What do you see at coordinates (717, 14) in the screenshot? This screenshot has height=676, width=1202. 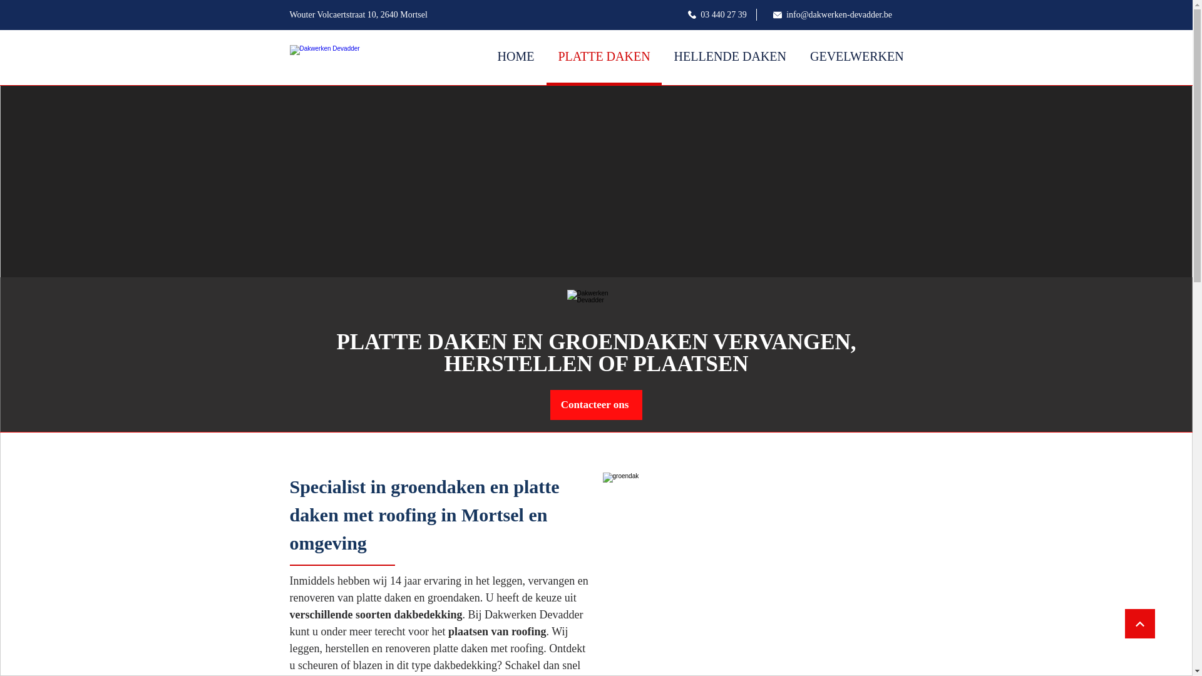 I see `'03 440 27 39'` at bounding box center [717, 14].